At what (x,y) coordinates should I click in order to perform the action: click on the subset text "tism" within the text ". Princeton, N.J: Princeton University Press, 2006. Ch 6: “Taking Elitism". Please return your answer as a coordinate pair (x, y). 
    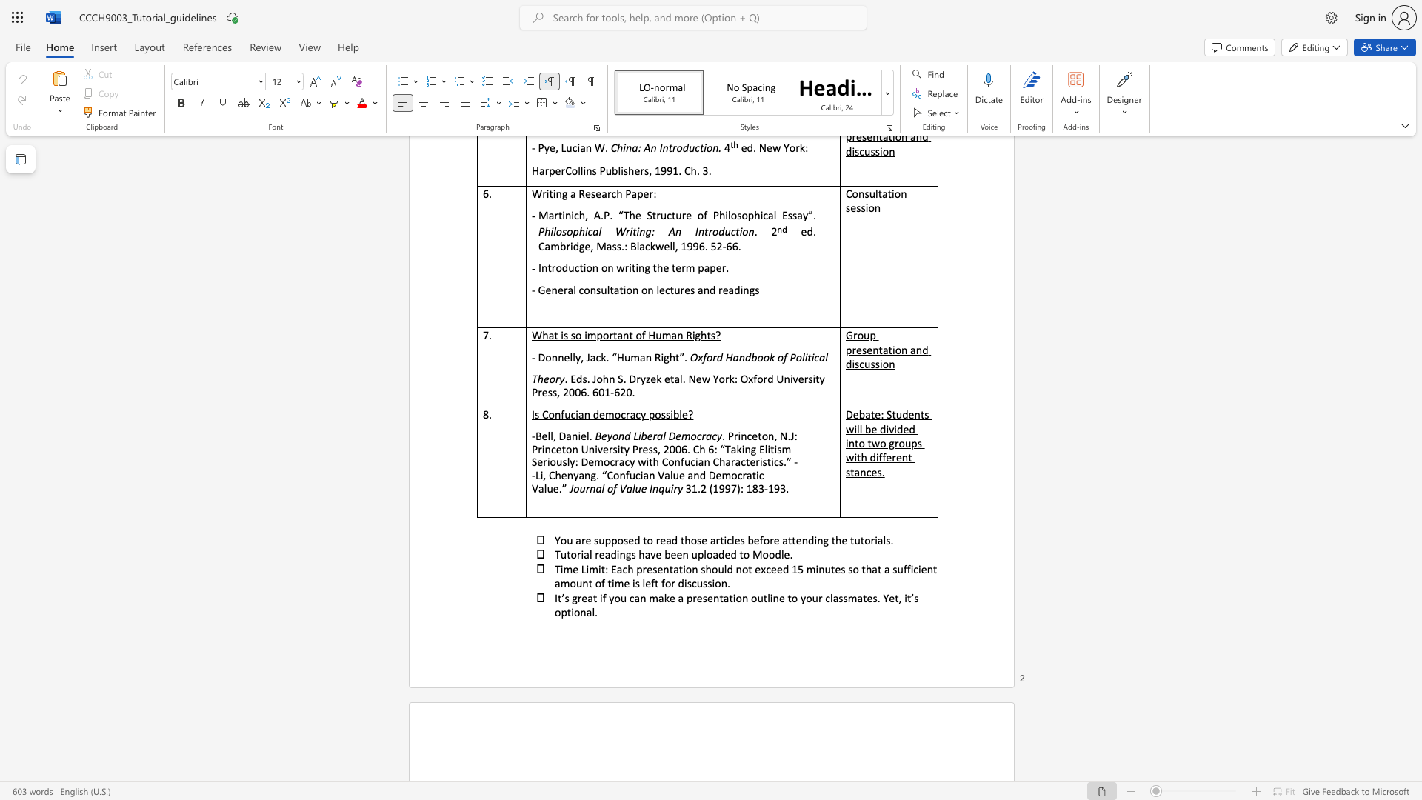
    Looking at the image, I should click on (770, 448).